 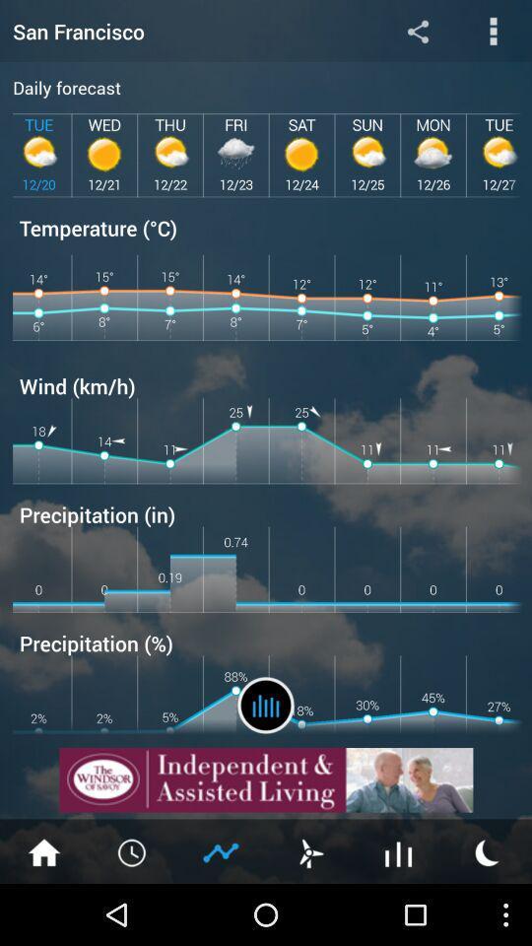 What do you see at coordinates (266, 705) in the screenshot?
I see `climate changes` at bounding box center [266, 705].